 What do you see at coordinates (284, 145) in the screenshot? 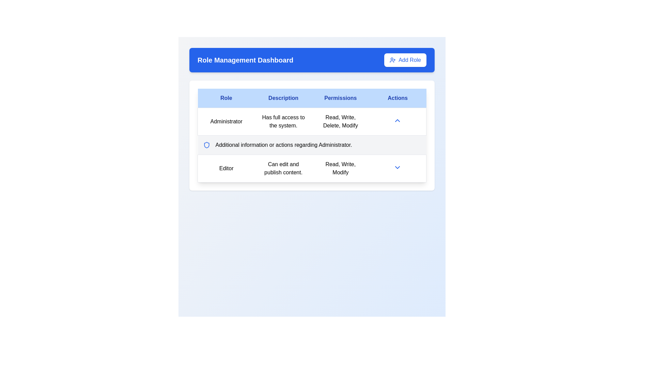
I see `the descriptive text that provides information related to the 'Administrator' role, positioned below the 'Administrator' label` at bounding box center [284, 145].